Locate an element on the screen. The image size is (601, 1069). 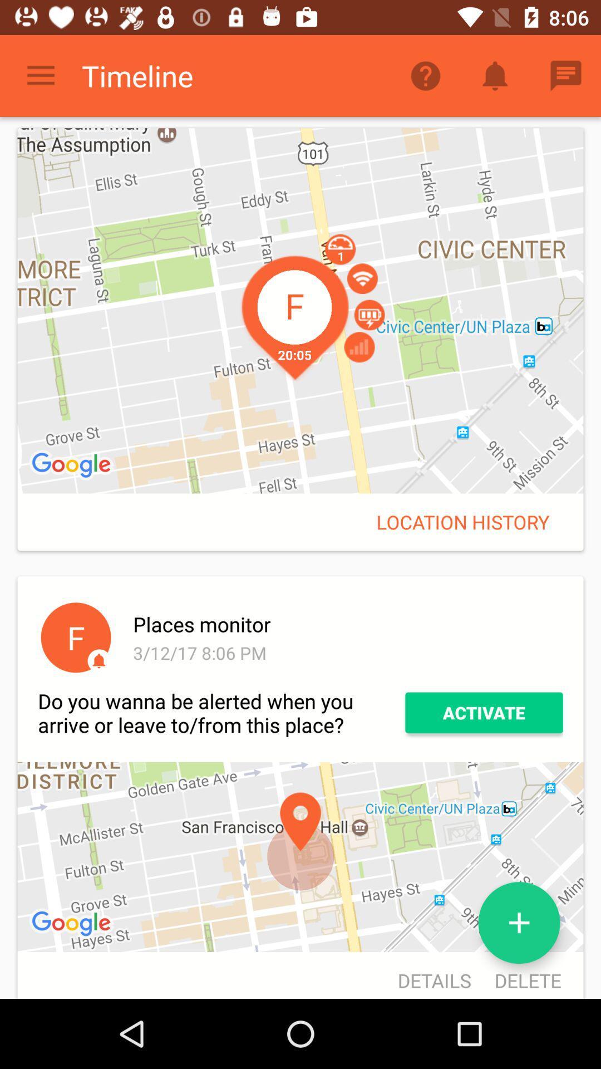
icon below the f is located at coordinates (221, 713).